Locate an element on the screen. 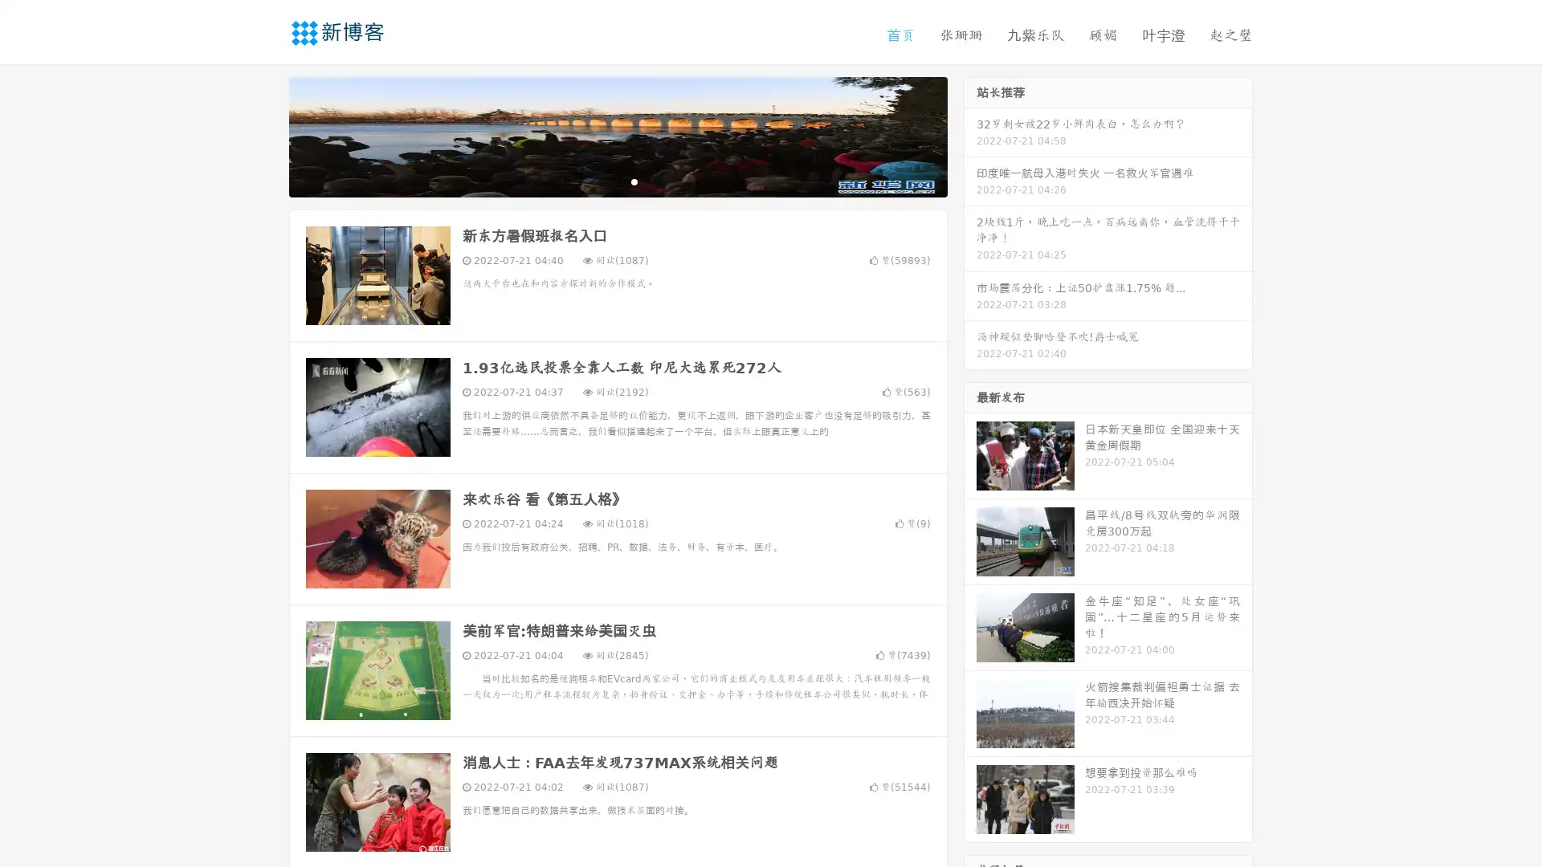 Image resolution: width=1542 pixels, height=867 pixels. Previous slide is located at coordinates (265, 135).